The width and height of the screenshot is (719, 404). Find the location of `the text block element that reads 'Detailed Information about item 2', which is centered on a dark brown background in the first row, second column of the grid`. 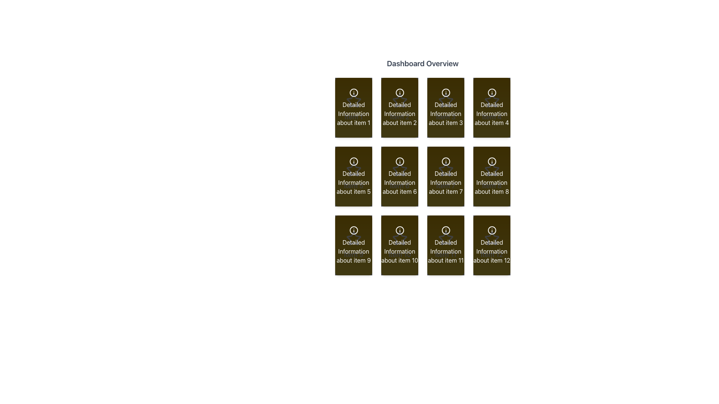

the text block element that reads 'Detailed Information about item 2', which is centered on a dark brown background in the first row, second column of the grid is located at coordinates (399, 114).